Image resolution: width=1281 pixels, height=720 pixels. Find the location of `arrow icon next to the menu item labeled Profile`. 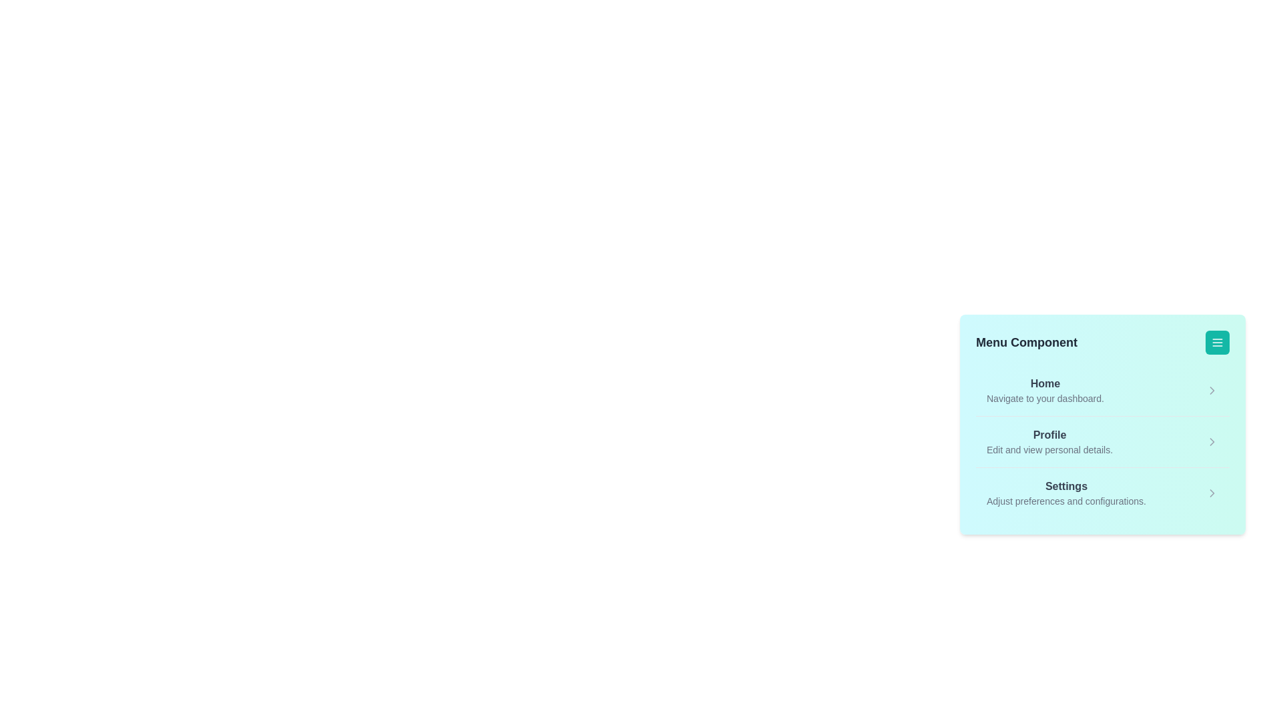

arrow icon next to the menu item labeled Profile is located at coordinates (1212, 442).